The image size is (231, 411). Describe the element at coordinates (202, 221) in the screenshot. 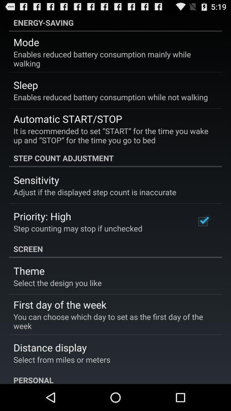

I see `icon on the right` at that location.